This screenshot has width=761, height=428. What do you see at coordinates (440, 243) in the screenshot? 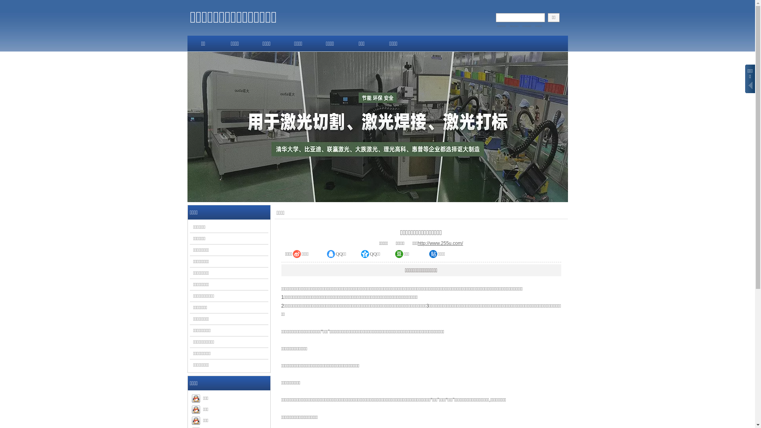
I see `'http://www.255u.com/'` at bounding box center [440, 243].